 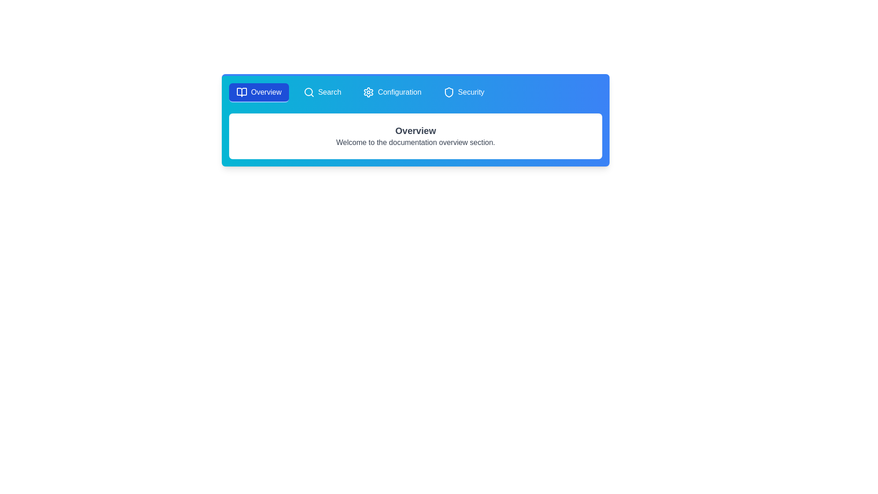 What do you see at coordinates (415, 136) in the screenshot?
I see `the Text Component (Header and Subtitle Combination) that provides context for the 'Overview' section, located in a light-colored rounded rectangle within a blue header-like section` at bounding box center [415, 136].